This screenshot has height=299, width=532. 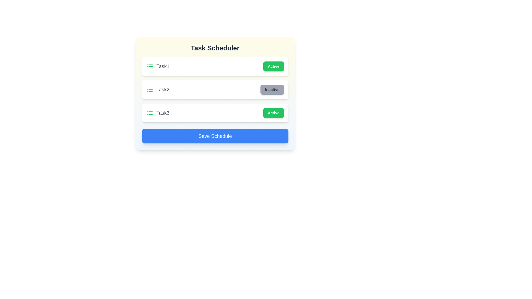 I want to click on the icon next to the task name Task2, so click(x=150, y=89).